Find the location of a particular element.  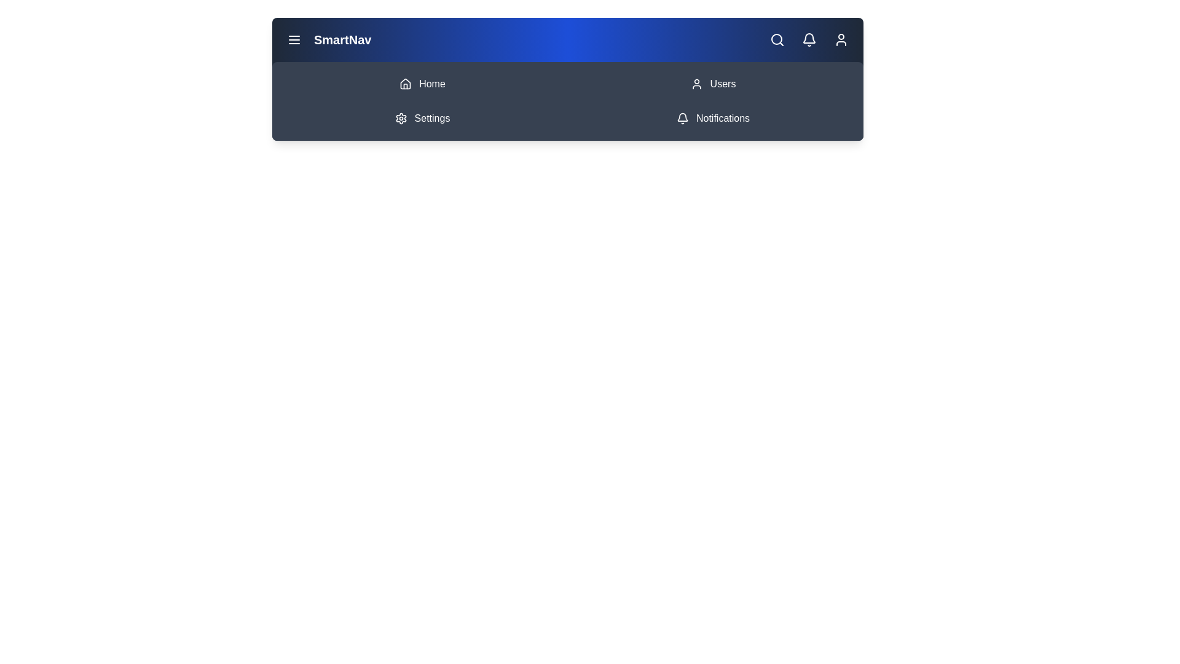

the Home navigation item in the menu is located at coordinates (422, 84).